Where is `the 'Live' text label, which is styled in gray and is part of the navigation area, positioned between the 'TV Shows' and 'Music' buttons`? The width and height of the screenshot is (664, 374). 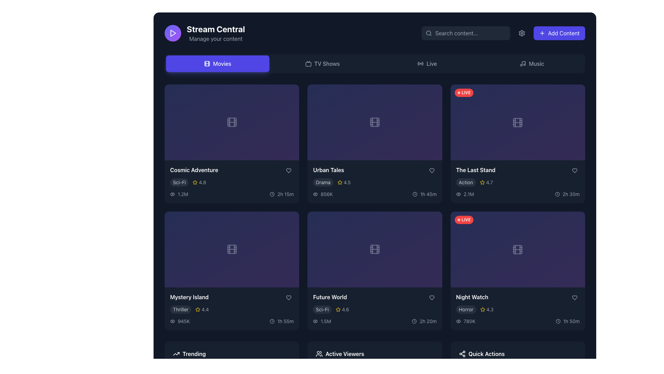
the 'Live' text label, which is styled in gray and is part of the navigation area, positioned between the 'TV Shows' and 'Music' buttons is located at coordinates (431, 64).